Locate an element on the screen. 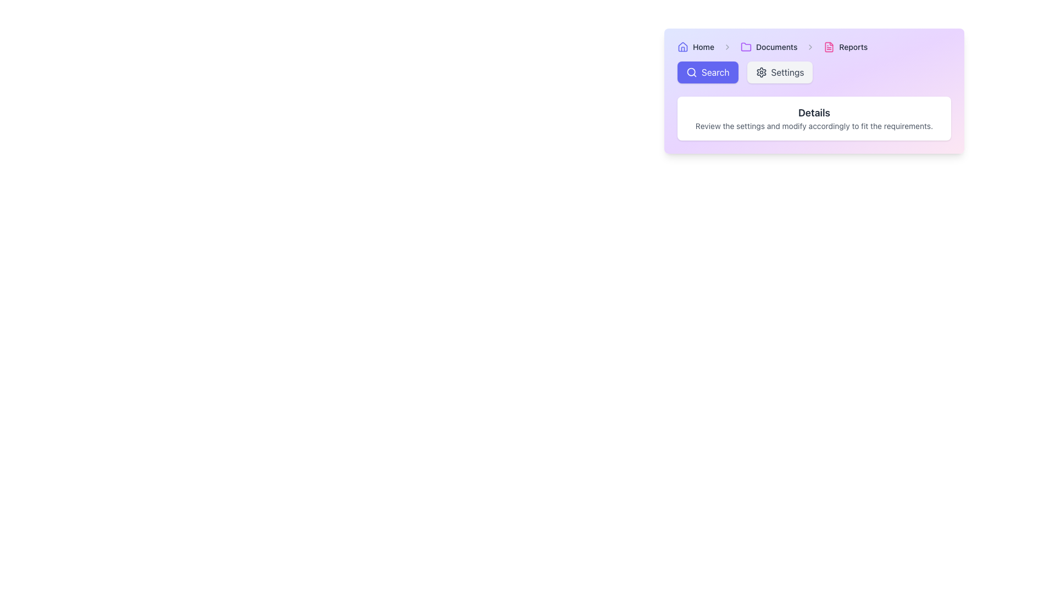  the 'Settings' text label, which is displayed in dark gray with a rounded rectangular button style, located in the top-right section of the application interface is located at coordinates (787, 72).